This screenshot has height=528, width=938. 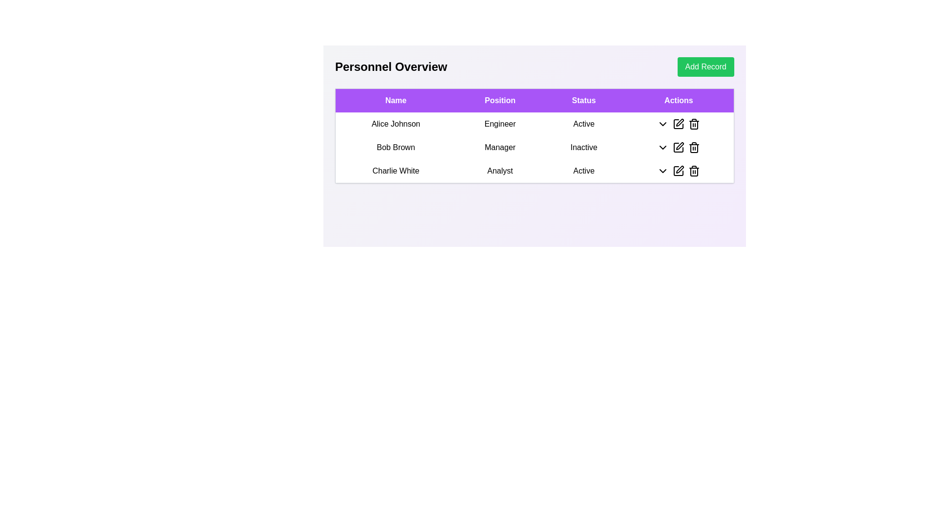 I want to click on the table cell that displays the job role 'Analyst' for the individual 'Charlie White' in the third row of the table under the 'Position' column, so click(x=500, y=171).